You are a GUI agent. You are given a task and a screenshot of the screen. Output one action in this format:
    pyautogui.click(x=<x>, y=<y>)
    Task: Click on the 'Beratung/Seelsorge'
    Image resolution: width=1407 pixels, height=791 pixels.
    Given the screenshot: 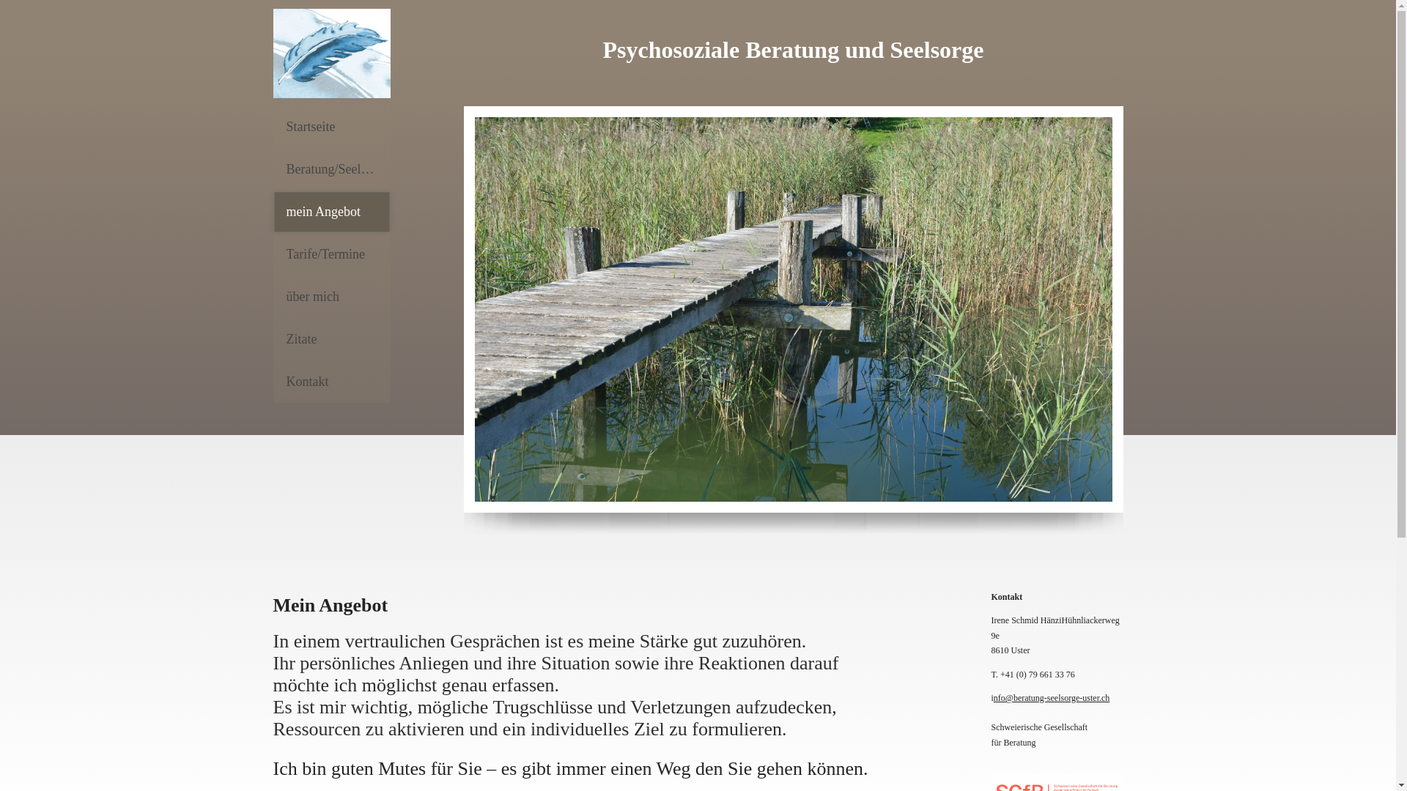 What is the action you would take?
    pyautogui.click(x=330, y=168)
    